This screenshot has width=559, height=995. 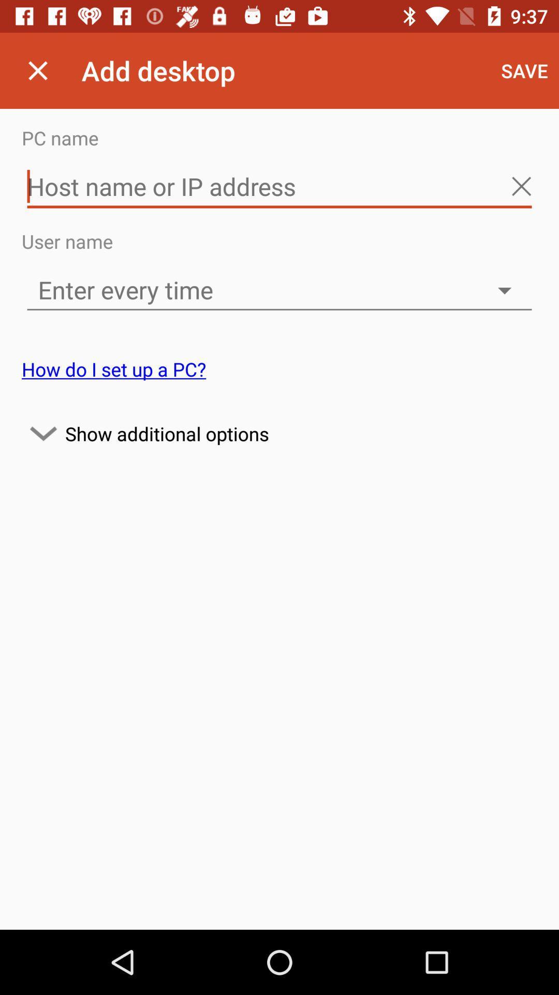 I want to click on item to the right of add desktop, so click(x=524, y=70).